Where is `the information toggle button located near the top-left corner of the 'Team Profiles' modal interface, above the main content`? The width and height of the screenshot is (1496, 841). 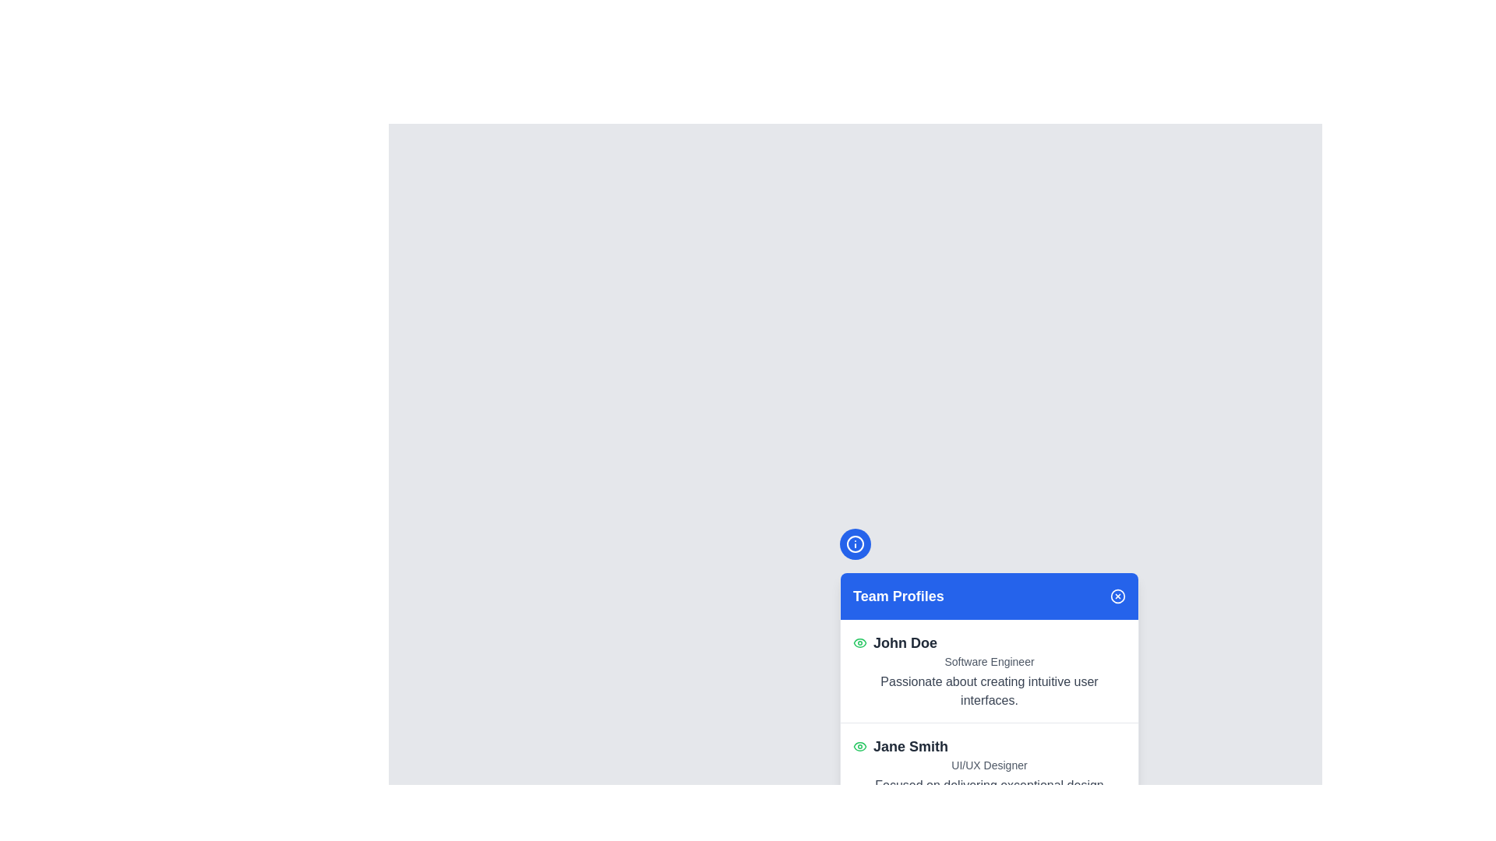 the information toggle button located near the top-left corner of the 'Team Profiles' modal interface, above the main content is located at coordinates (855, 543).